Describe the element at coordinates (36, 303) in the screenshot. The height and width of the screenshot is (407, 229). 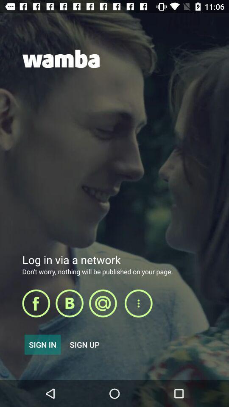
I see `facebook option` at that location.